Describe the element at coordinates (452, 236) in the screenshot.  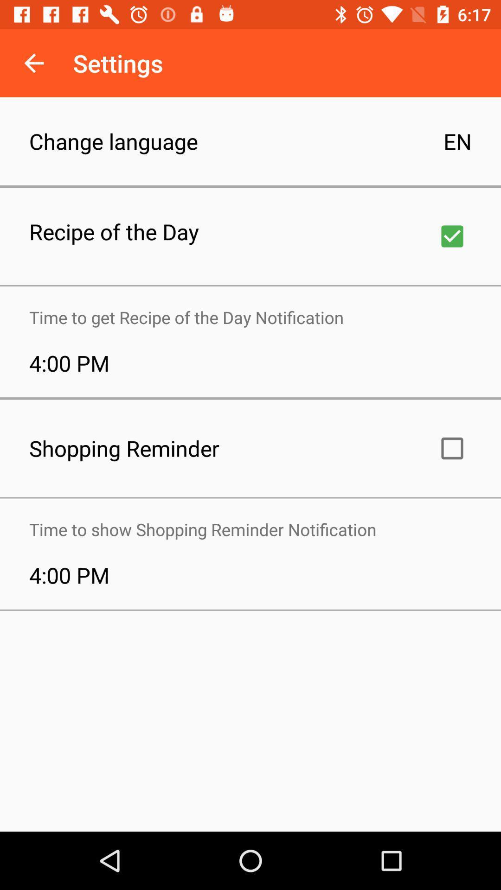
I see `turn on recipe of the day notification` at that location.